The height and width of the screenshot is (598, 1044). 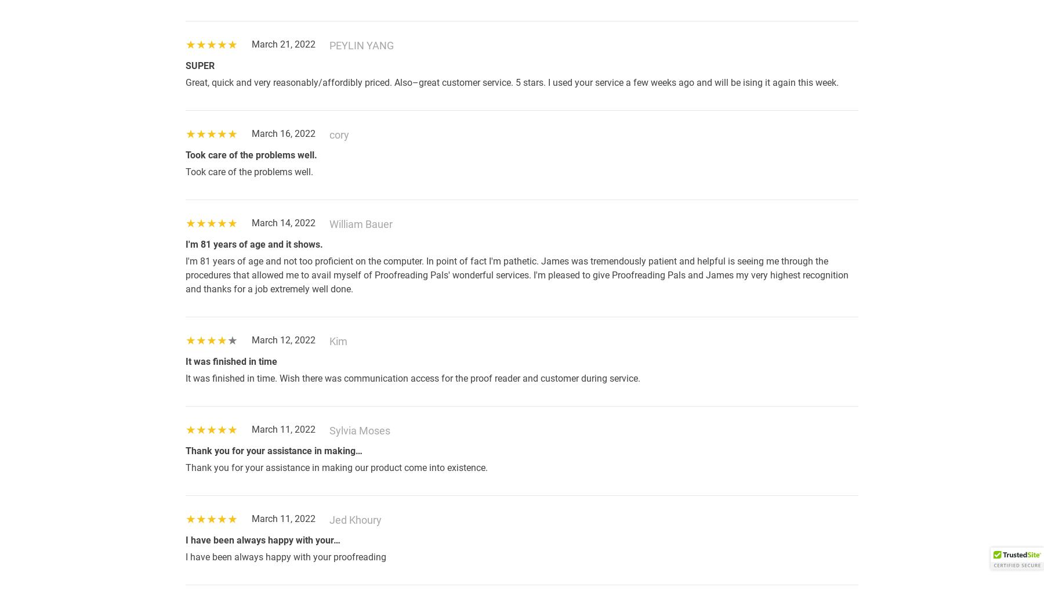 What do you see at coordinates (283, 222) in the screenshot?
I see `'March 14, 2022'` at bounding box center [283, 222].